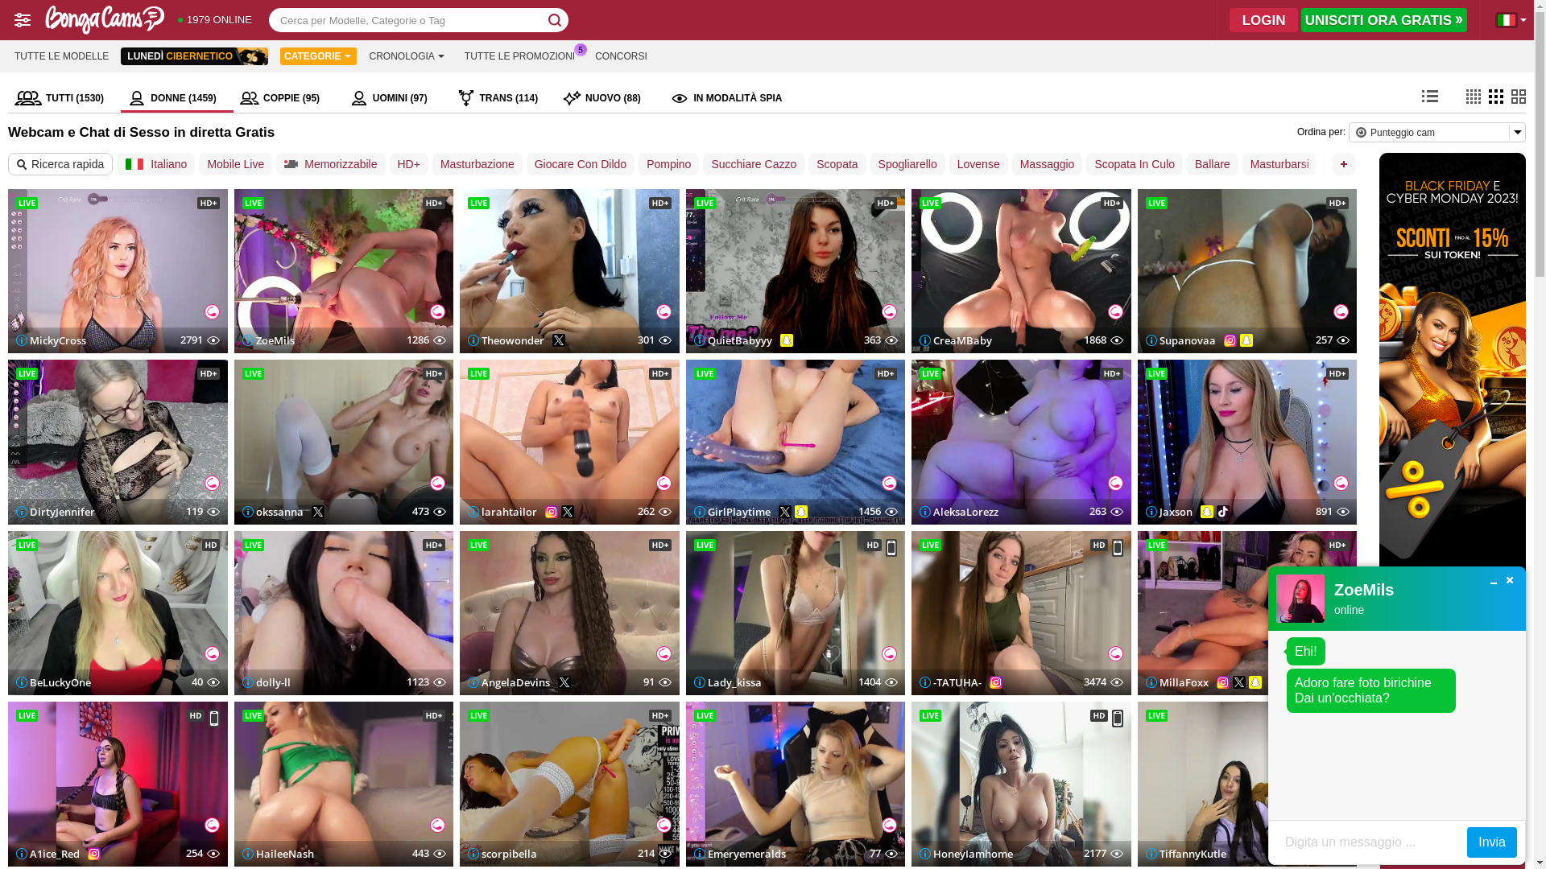  Describe the element at coordinates (1185, 852) in the screenshot. I see `'TiffannyKutle'` at that location.